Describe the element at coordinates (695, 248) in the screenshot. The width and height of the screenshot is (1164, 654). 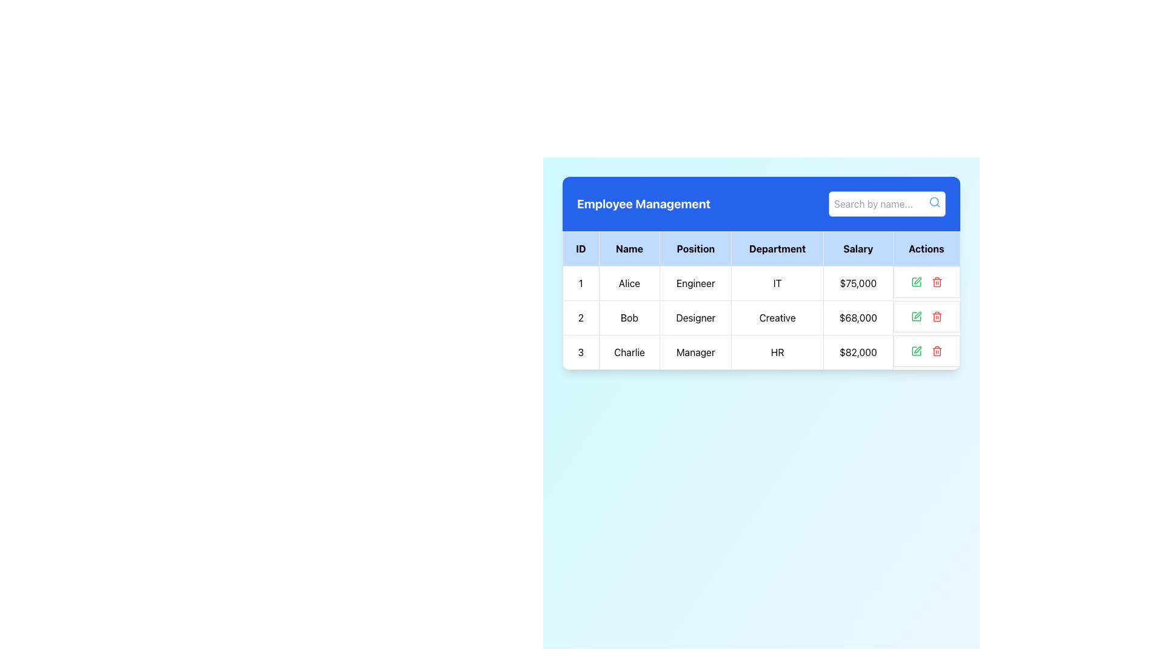
I see `the Table Header Cell labeled 'Position', which is styled with bold black text on a light blue background and is located as the third column in the header row of the table` at that location.